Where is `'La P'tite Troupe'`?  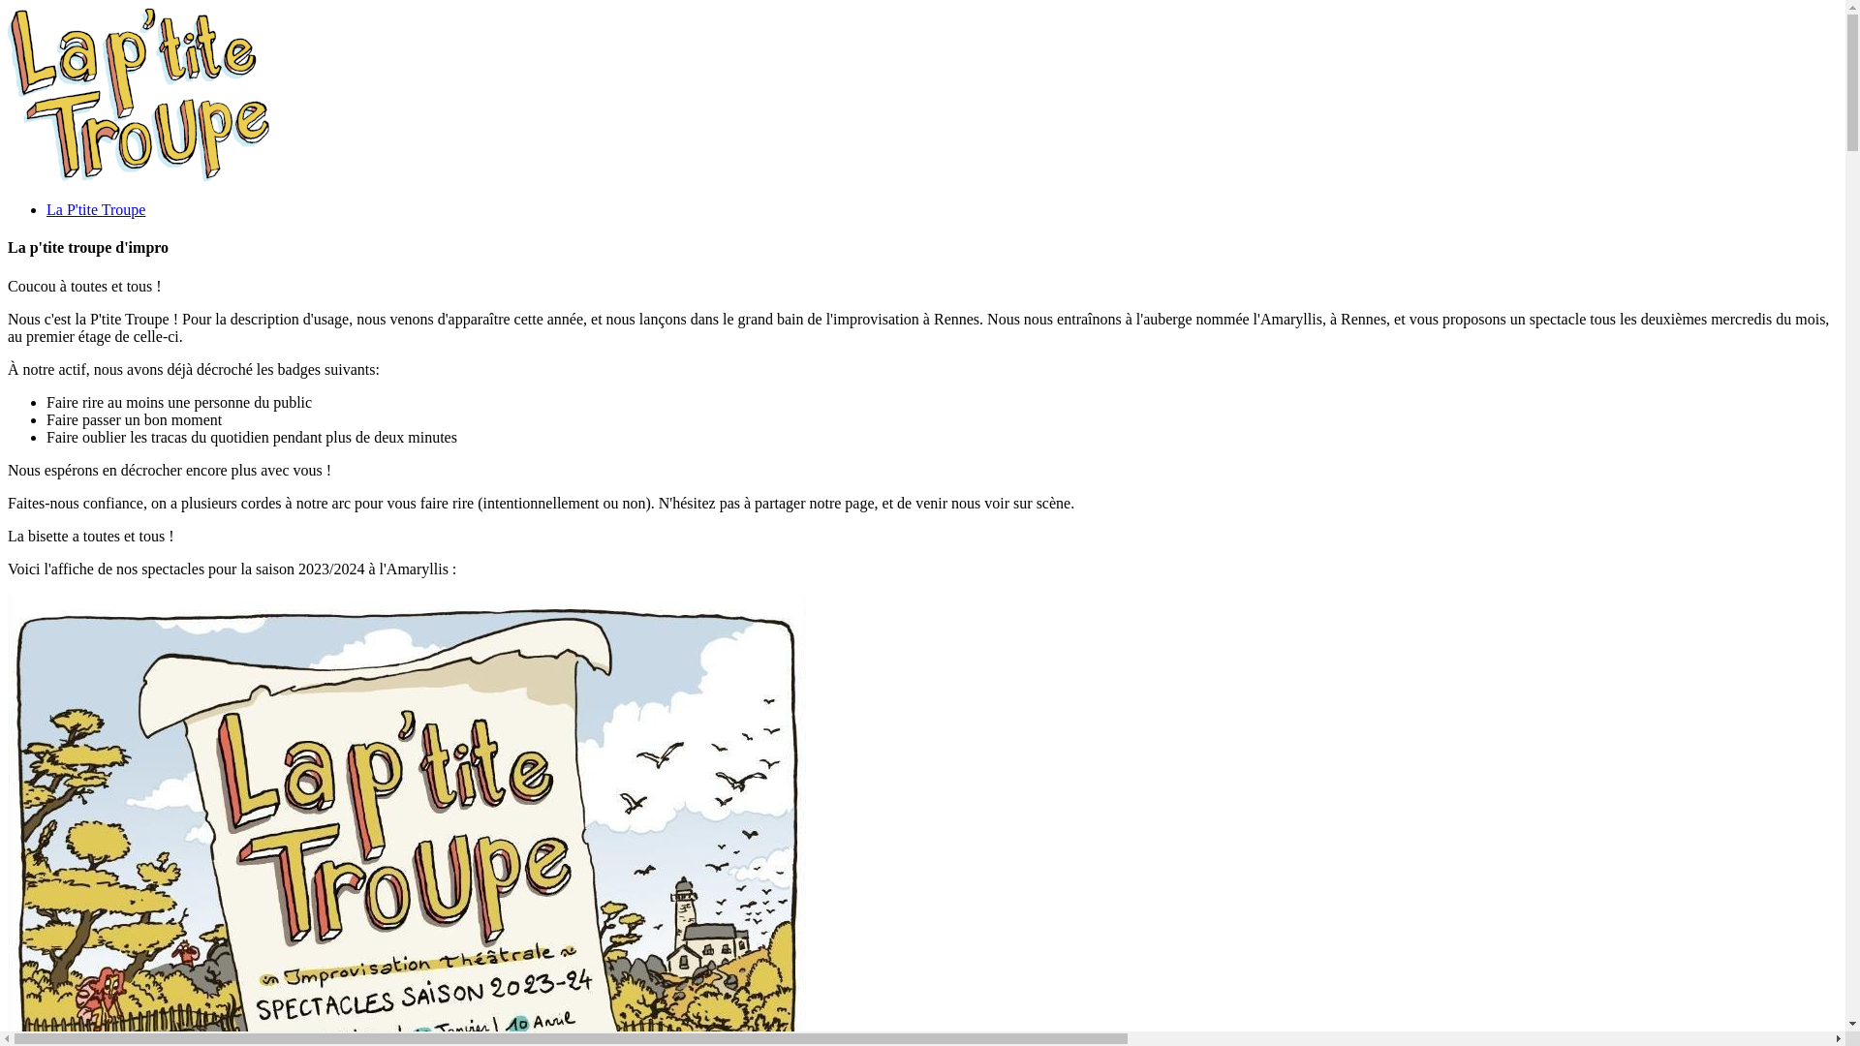 'La P'tite Troupe' is located at coordinates (95, 209).